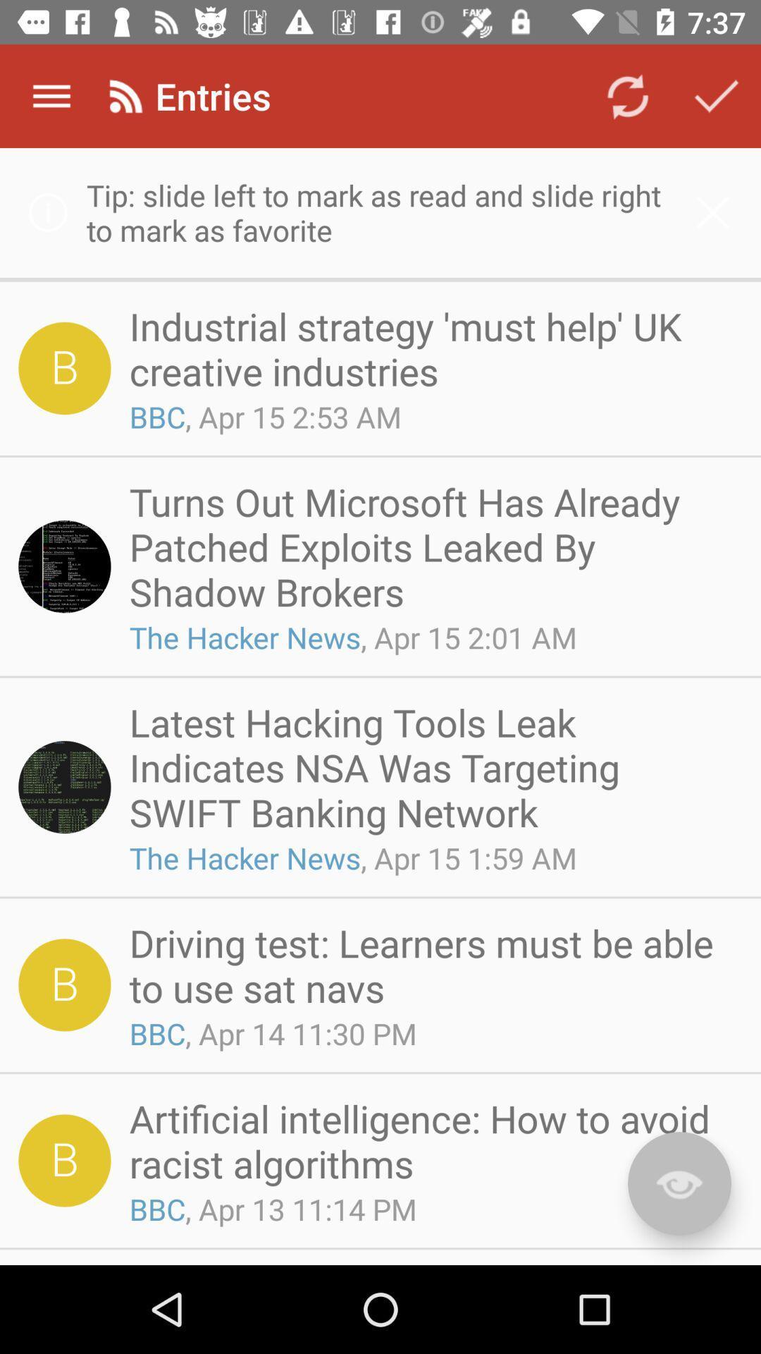 The image size is (761, 1354). I want to click on turns out microsoft, so click(431, 546).